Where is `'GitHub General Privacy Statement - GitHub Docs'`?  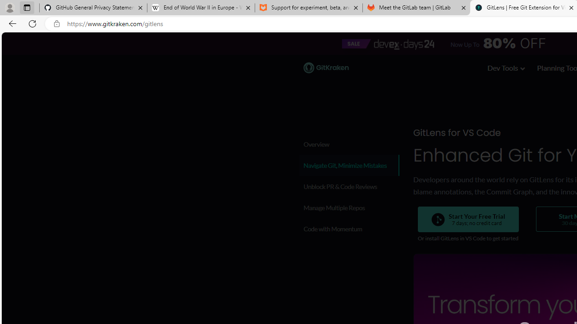
'GitHub General Privacy Statement - GitHub Docs' is located at coordinates (93, 8).